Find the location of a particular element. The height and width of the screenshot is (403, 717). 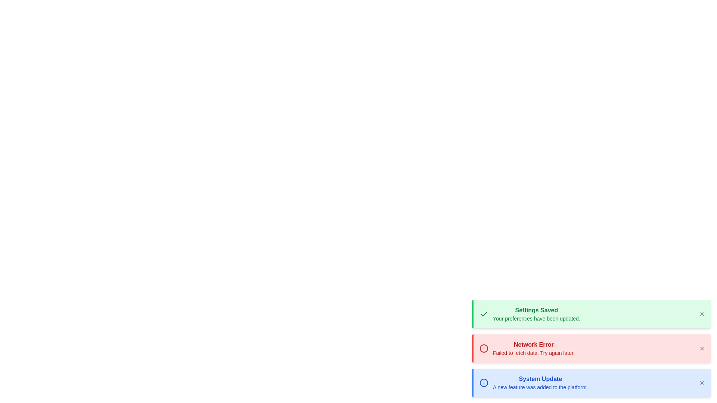

the close button represented by an 'X' in the top-right corner of the red 'Network Error' notification card is located at coordinates (702, 348).